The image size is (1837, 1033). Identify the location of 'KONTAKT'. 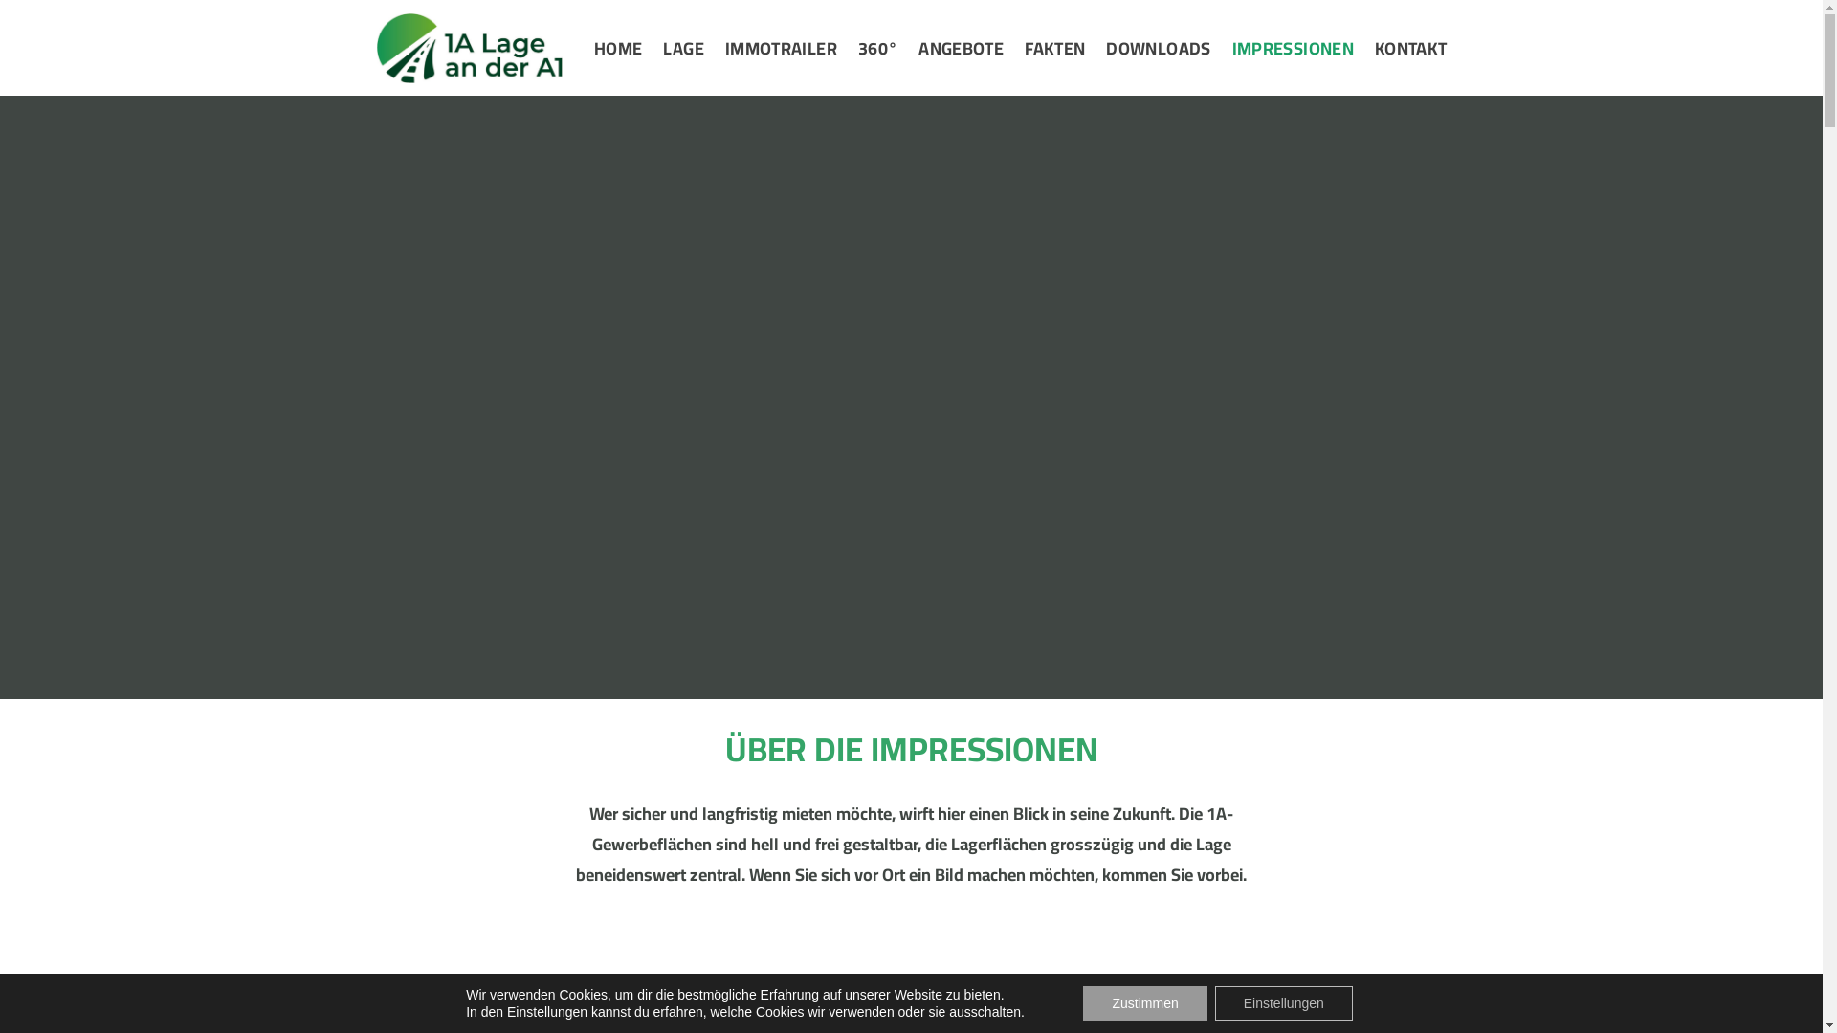
(1410, 47).